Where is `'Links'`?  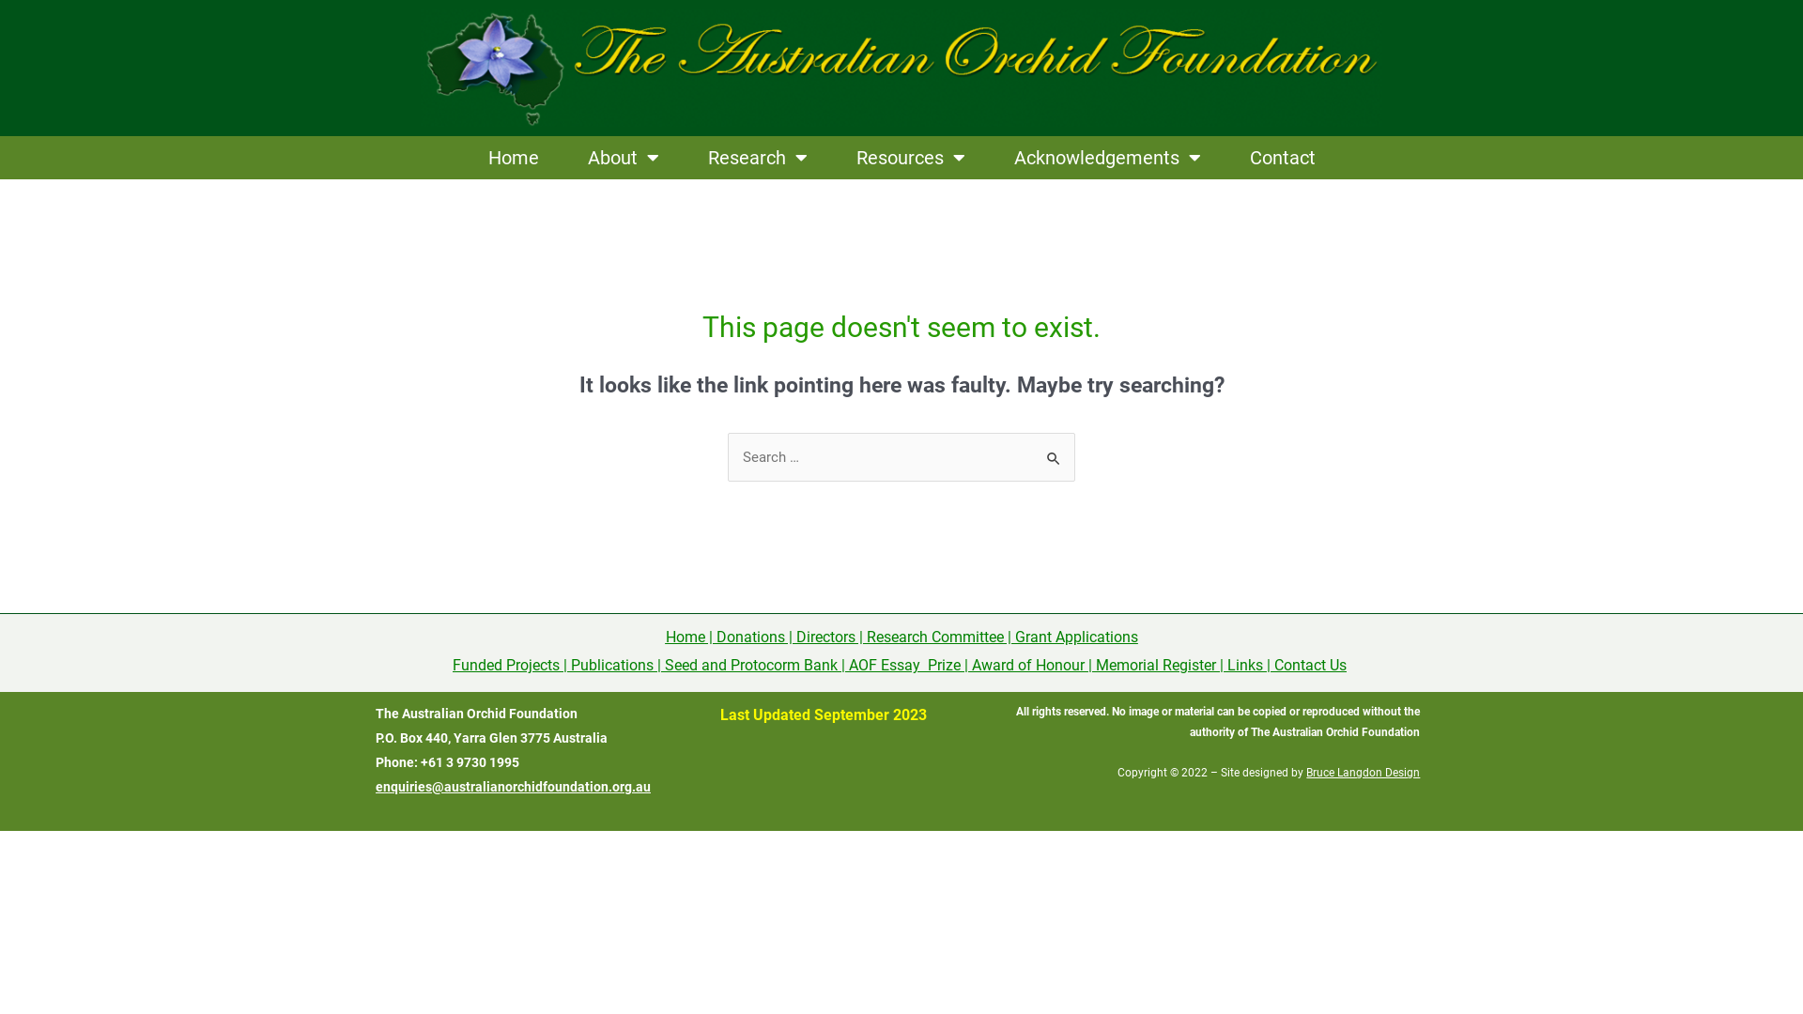
'Links' is located at coordinates (1244, 664).